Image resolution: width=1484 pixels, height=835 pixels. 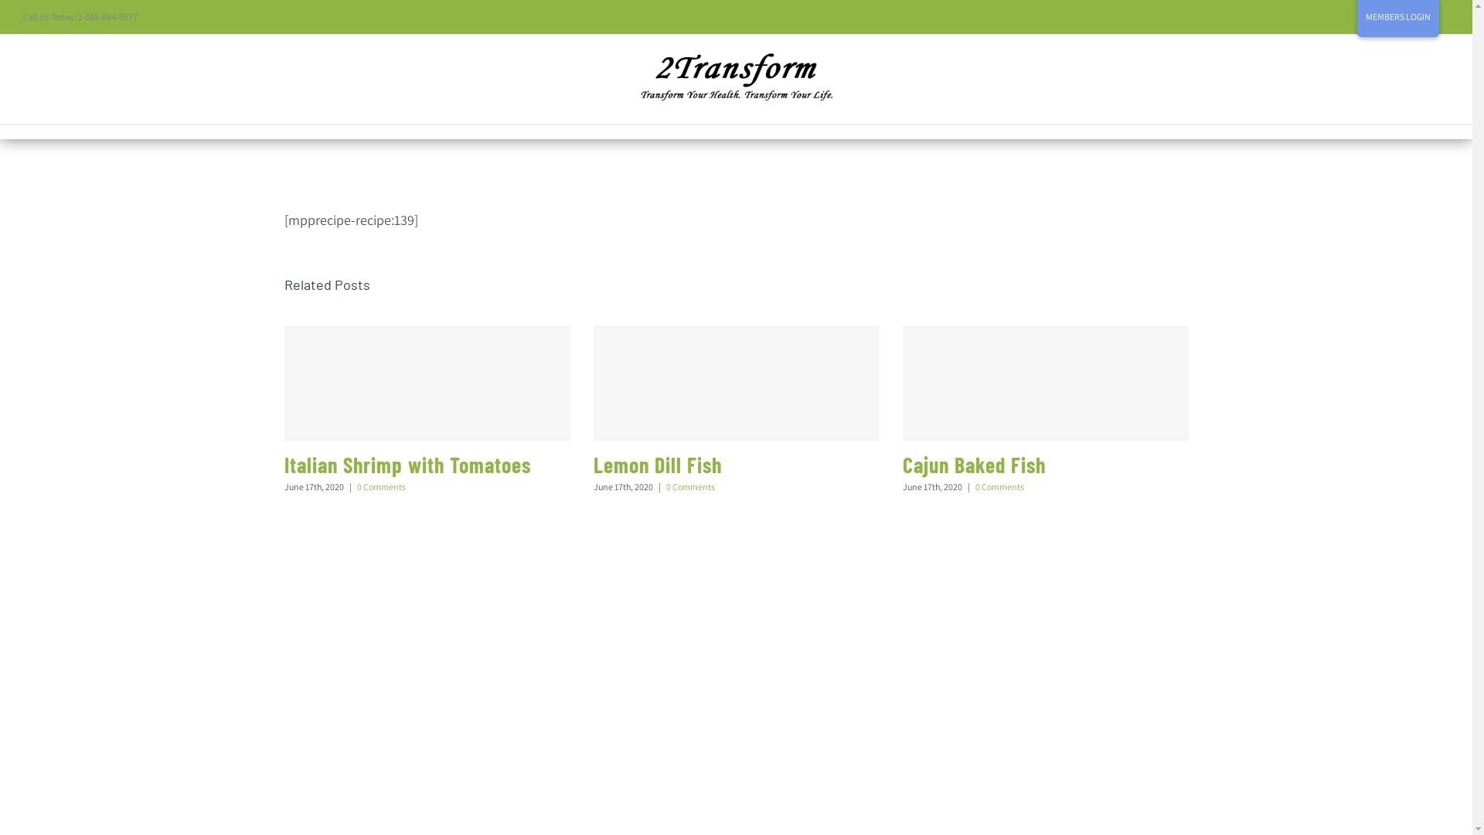 I want to click on 'Lemon Dill Fish', so click(x=657, y=464).